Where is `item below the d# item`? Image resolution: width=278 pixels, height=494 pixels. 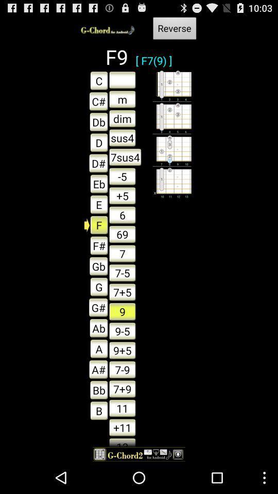
item below the d# item is located at coordinates (96, 184).